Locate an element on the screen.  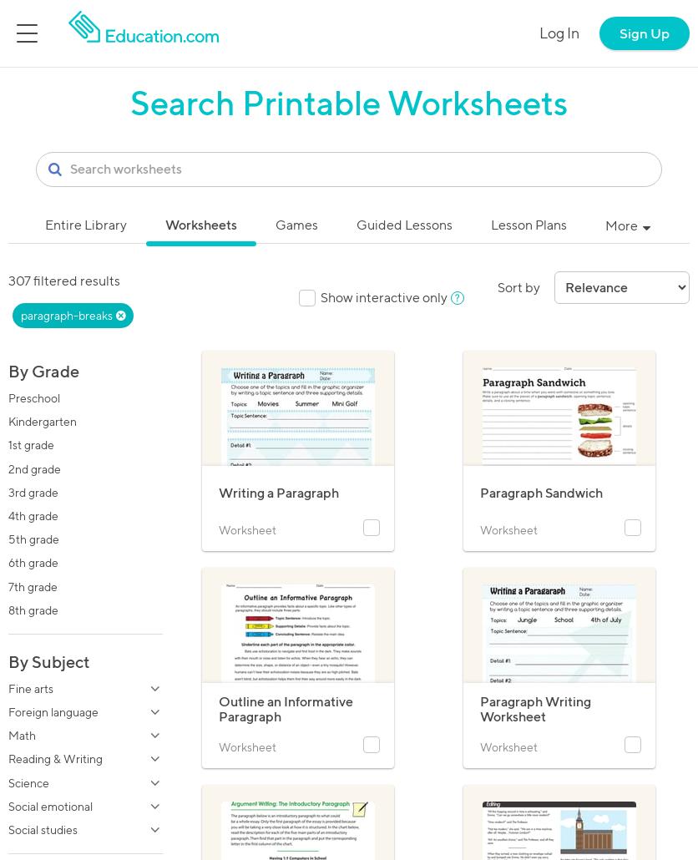
'paragraph-breaks' is located at coordinates (67, 316).